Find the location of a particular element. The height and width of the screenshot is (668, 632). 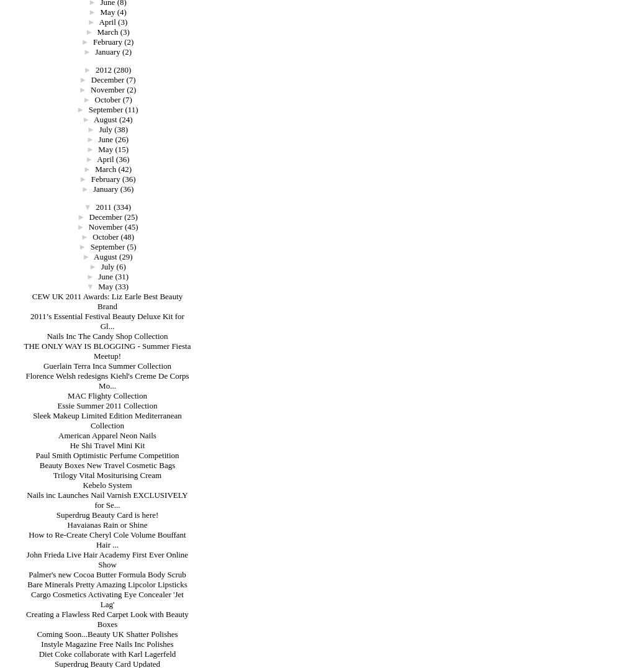

'How to Re-Create Cheryl Cole Volume Bouffant Hair ...' is located at coordinates (107, 539).